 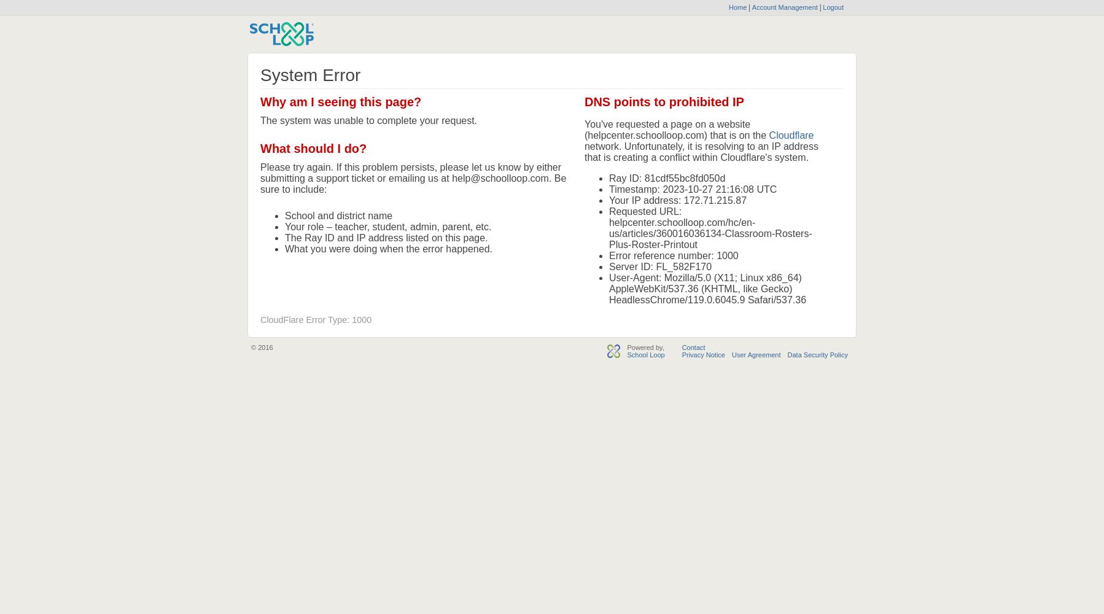 I want to click on 'School and district name', so click(x=338, y=215).